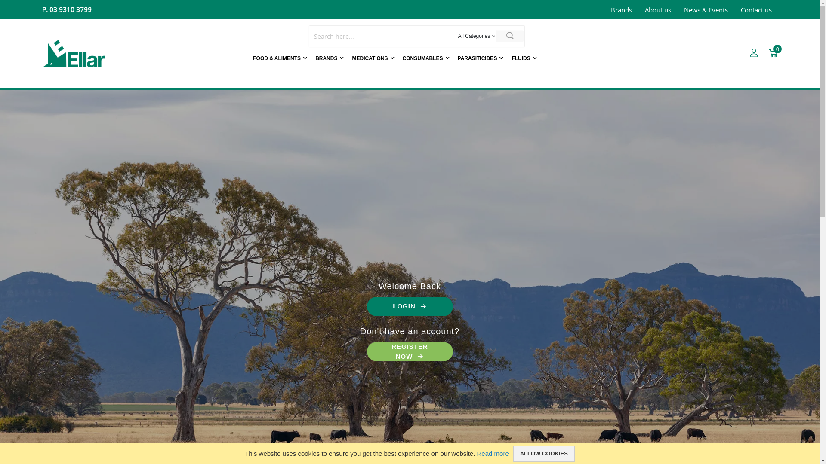  I want to click on 'ALLOW COOKIES', so click(543, 453).